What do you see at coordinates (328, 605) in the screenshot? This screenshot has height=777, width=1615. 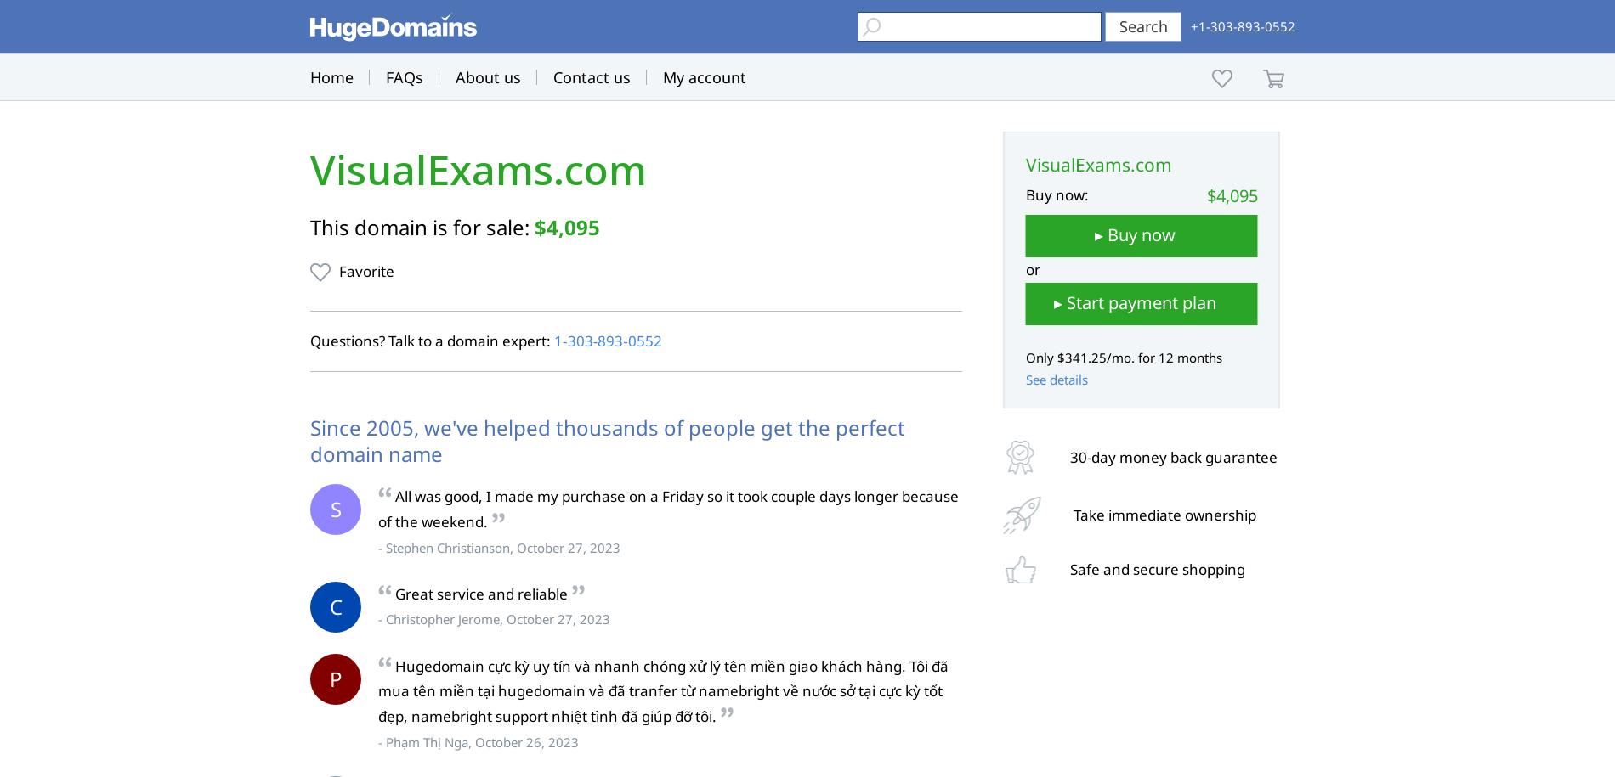 I see `'C'` at bounding box center [328, 605].